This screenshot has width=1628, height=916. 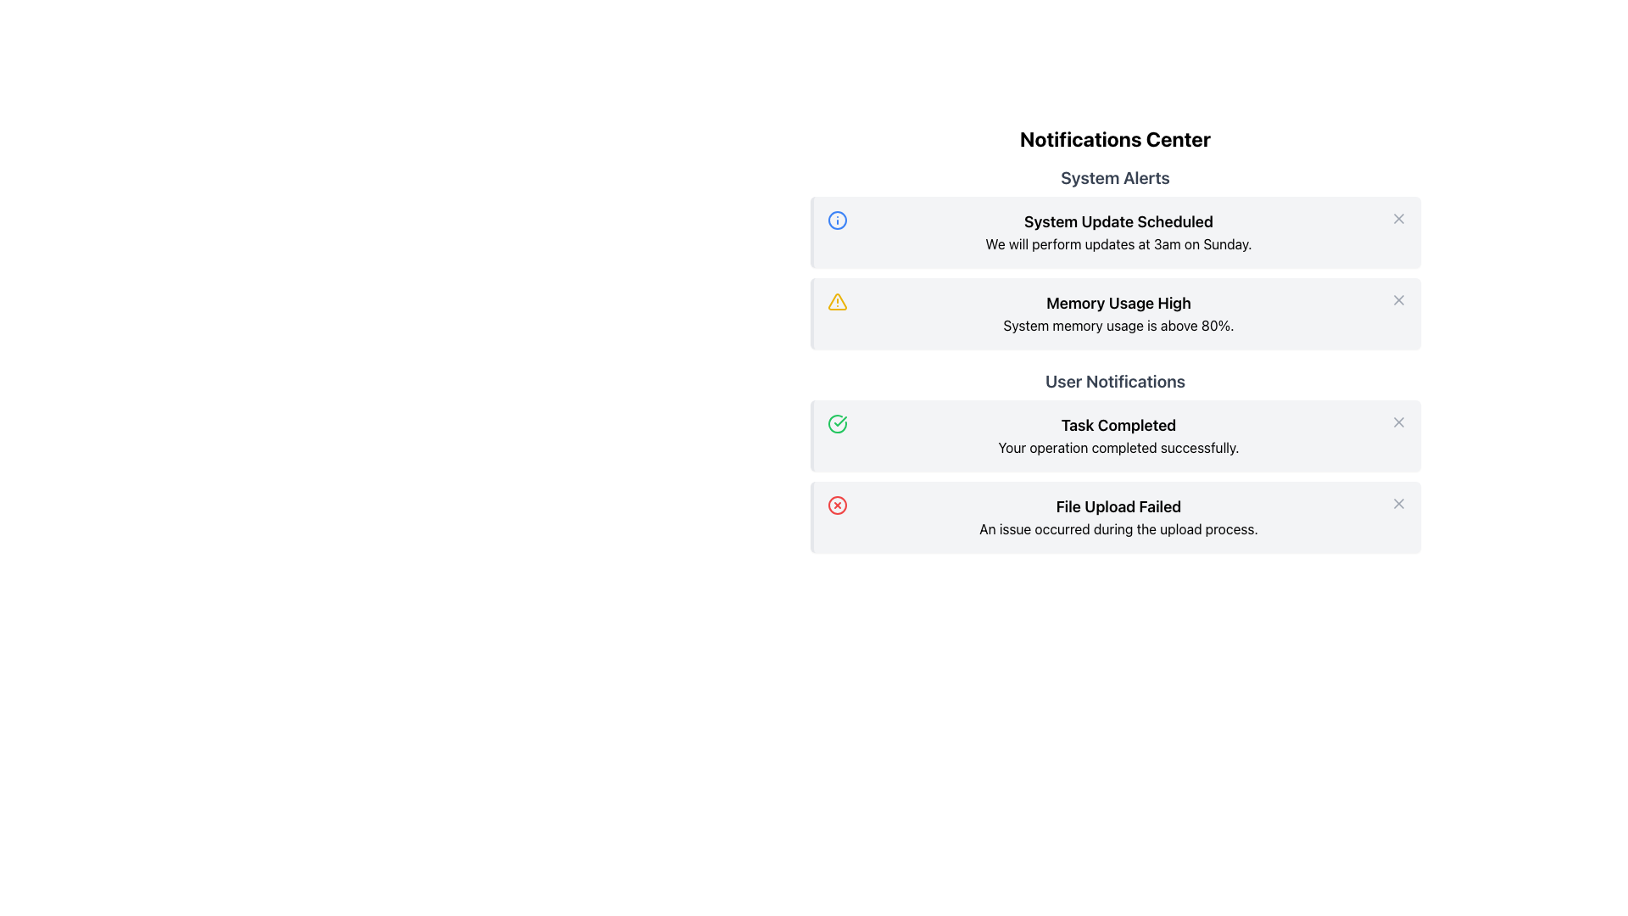 What do you see at coordinates (1115, 477) in the screenshot?
I see `the notifications in the Informational Notification Group, which consists of two stacked notifications titled 'Task Completed' and 'File Upload Failed'` at bounding box center [1115, 477].